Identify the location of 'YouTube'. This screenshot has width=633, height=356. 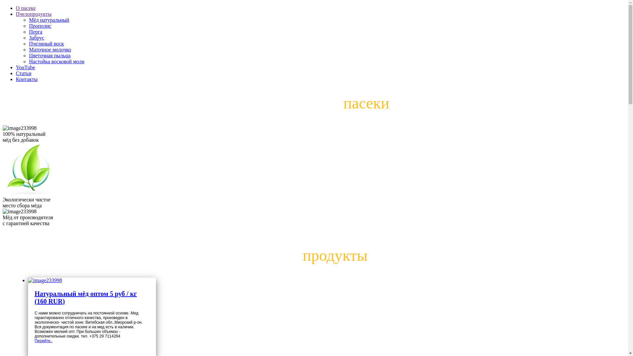
(25, 67).